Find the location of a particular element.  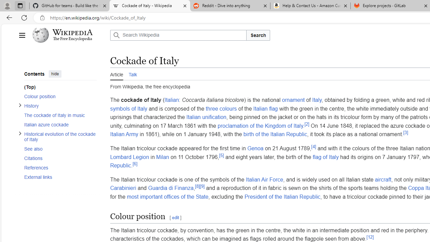

'hide' is located at coordinates (55, 74).